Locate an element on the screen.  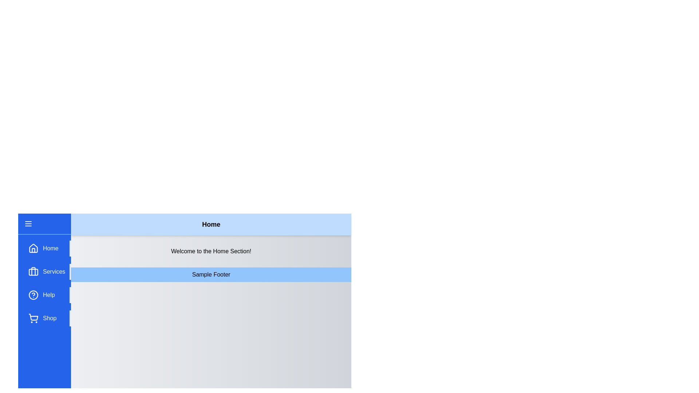
the 'Shop' button located in the sidebar menu, which is the fourth button in a vertical stack is located at coordinates (47, 318).